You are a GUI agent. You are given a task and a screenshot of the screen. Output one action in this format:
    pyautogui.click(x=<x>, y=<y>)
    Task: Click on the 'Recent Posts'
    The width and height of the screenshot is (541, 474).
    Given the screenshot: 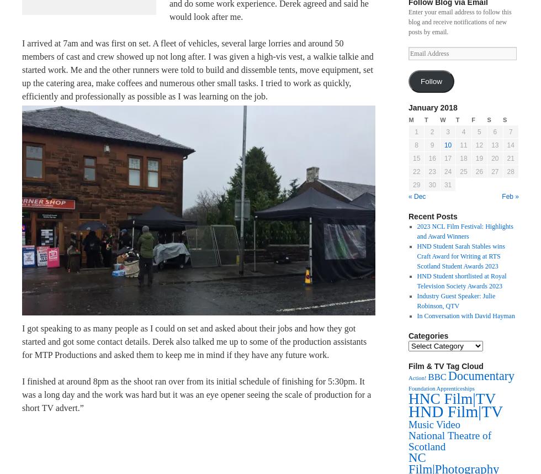 What is the action you would take?
    pyautogui.click(x=433, y=216)
    